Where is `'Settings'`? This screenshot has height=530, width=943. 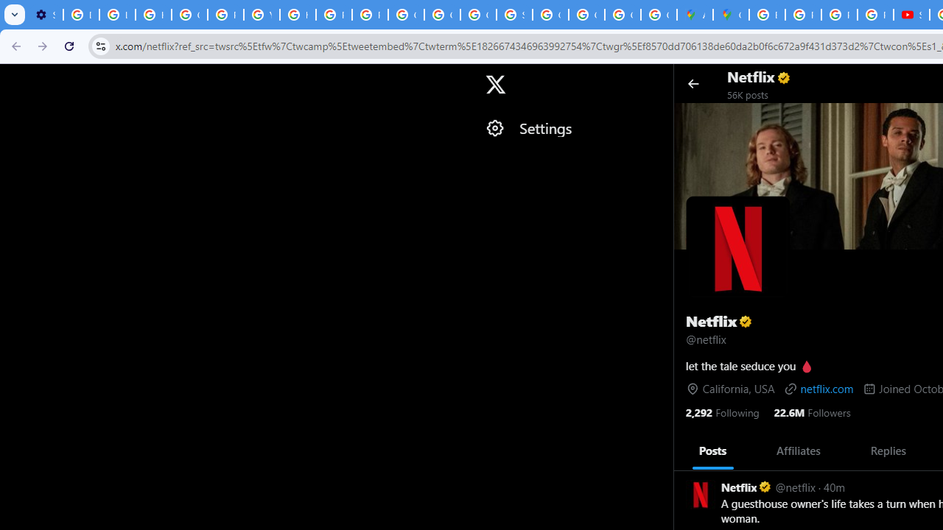
'Settings' is located at coordinates (571, 127).